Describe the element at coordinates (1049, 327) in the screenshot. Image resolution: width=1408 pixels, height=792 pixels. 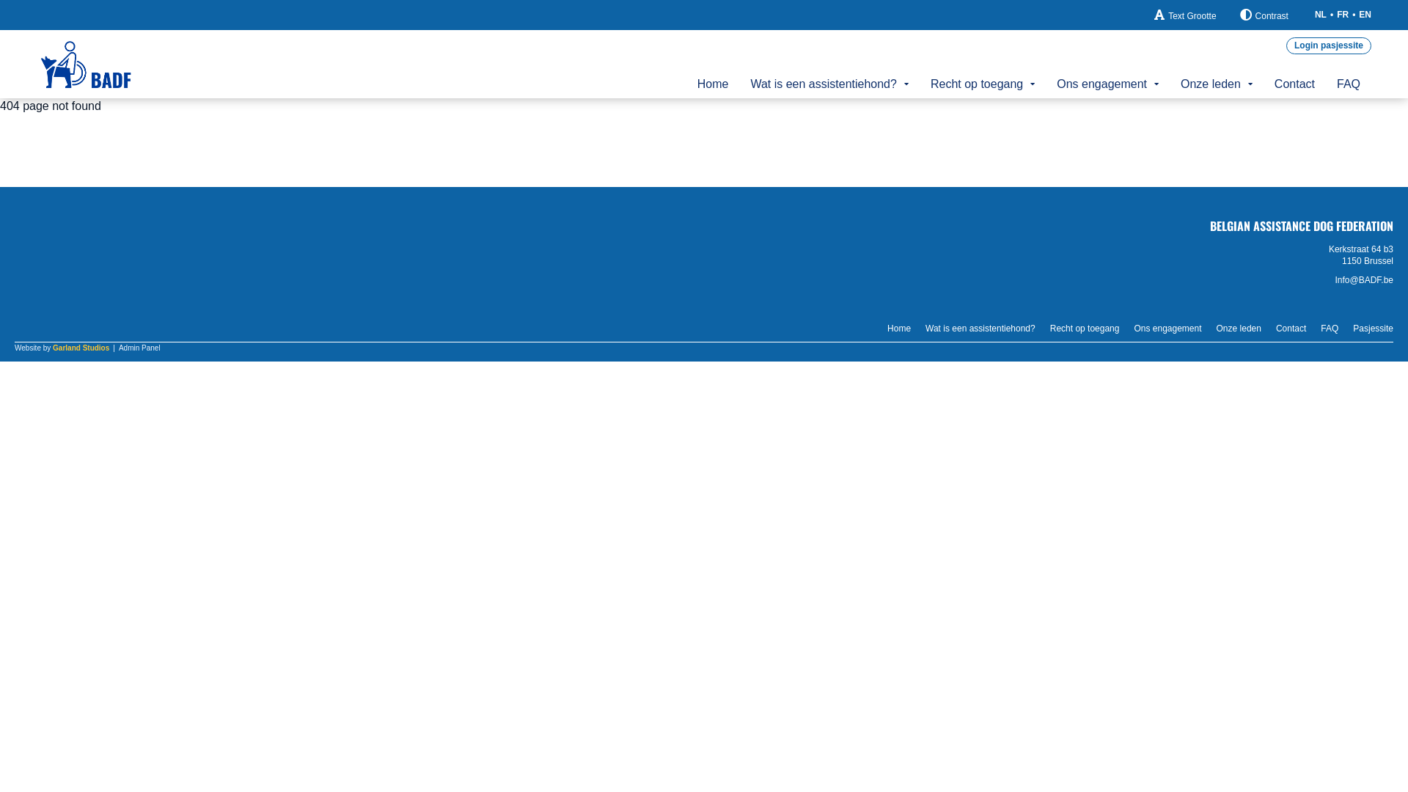
I see `'Recht op toegang'` at that location.